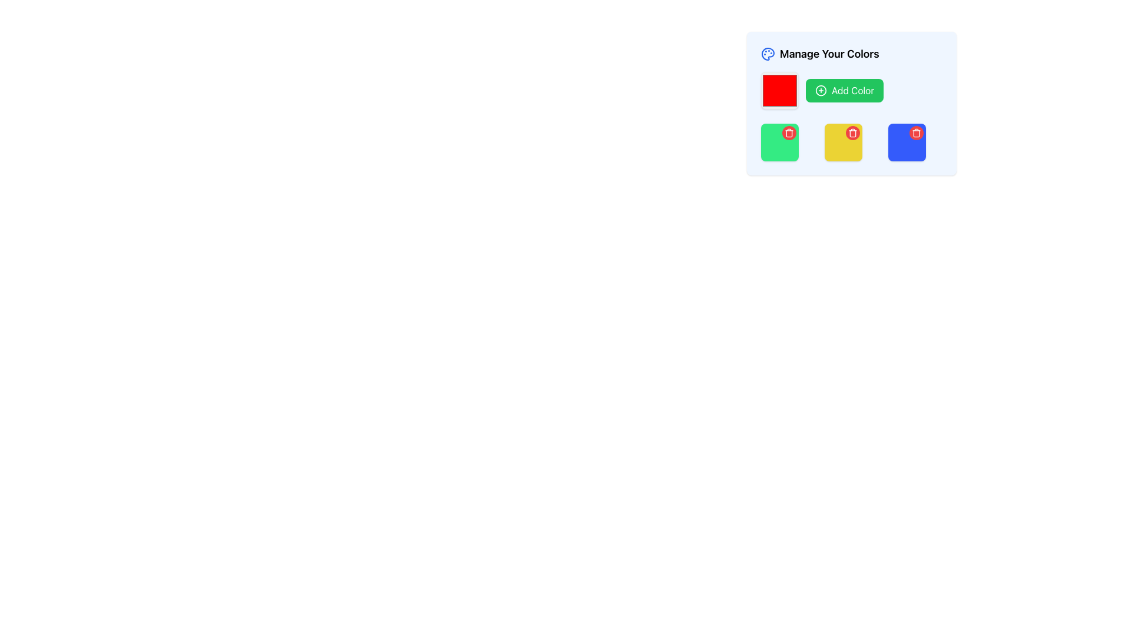 This screenshot has height=636, width=1131. What do you see at coordinates (851, 103) in the screenshot?
I see `the control panel for managing colors located below the title 'Manage Your Colors'` at bounding box center [851, 103].